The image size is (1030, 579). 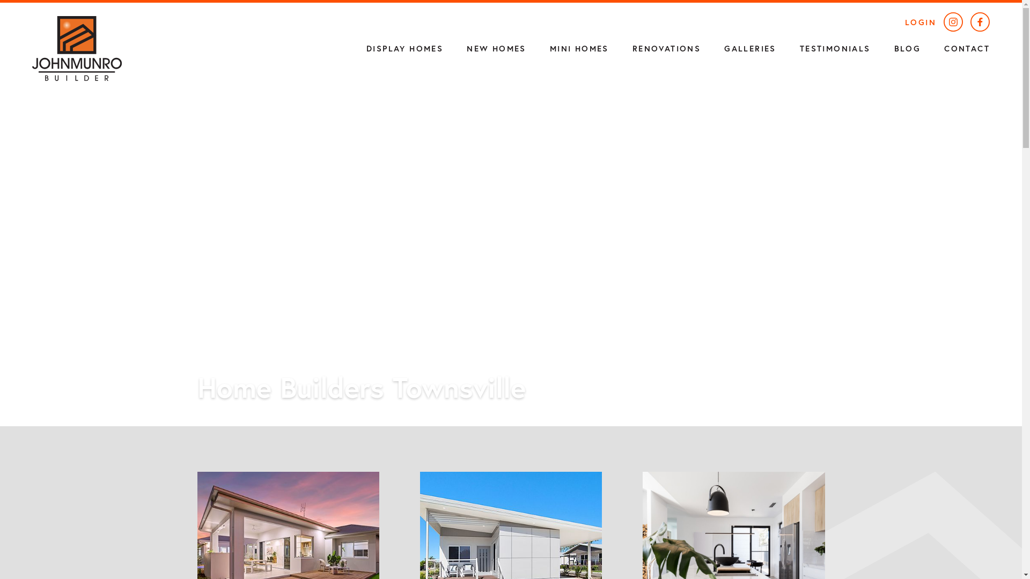 I want to click on 'CONTACT', so click(x=967, y=47).